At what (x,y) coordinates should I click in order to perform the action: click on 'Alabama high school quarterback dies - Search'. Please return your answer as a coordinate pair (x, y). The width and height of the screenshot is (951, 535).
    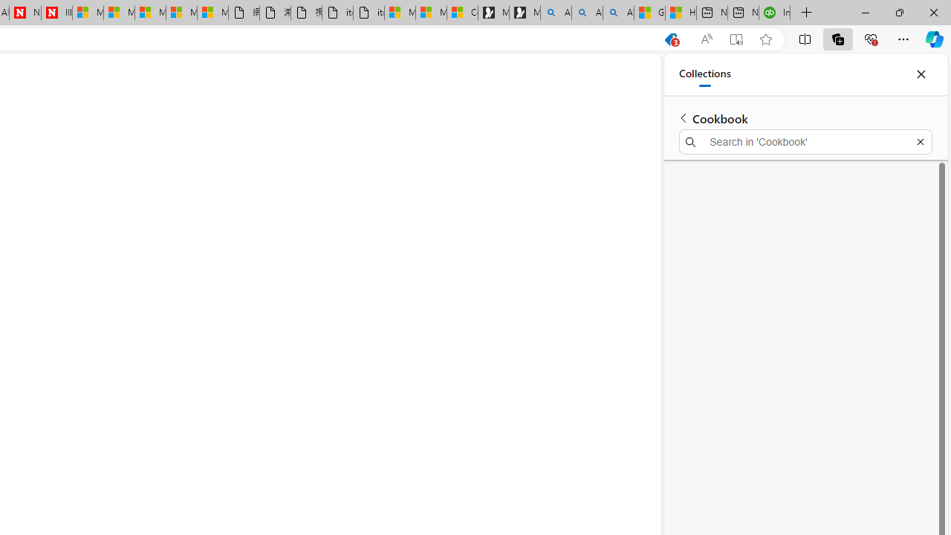
    Looking at the image, I should click on (555, 13).